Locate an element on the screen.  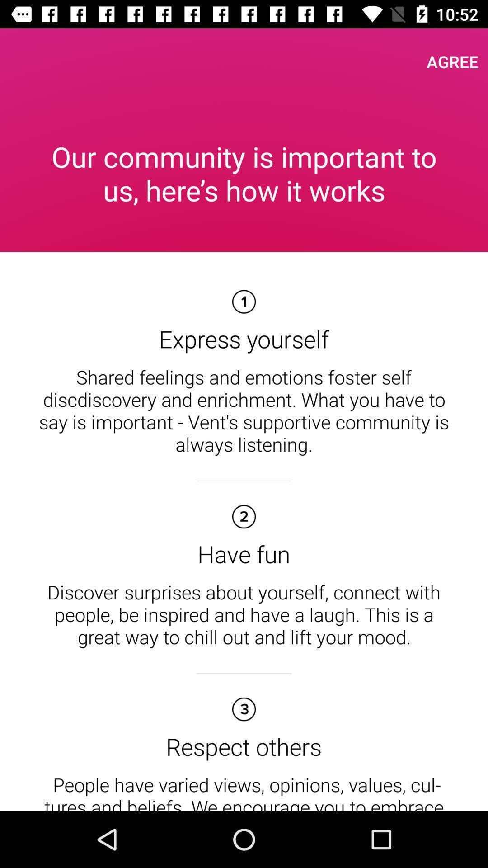
the agree item is located at coordinates (452, 61).